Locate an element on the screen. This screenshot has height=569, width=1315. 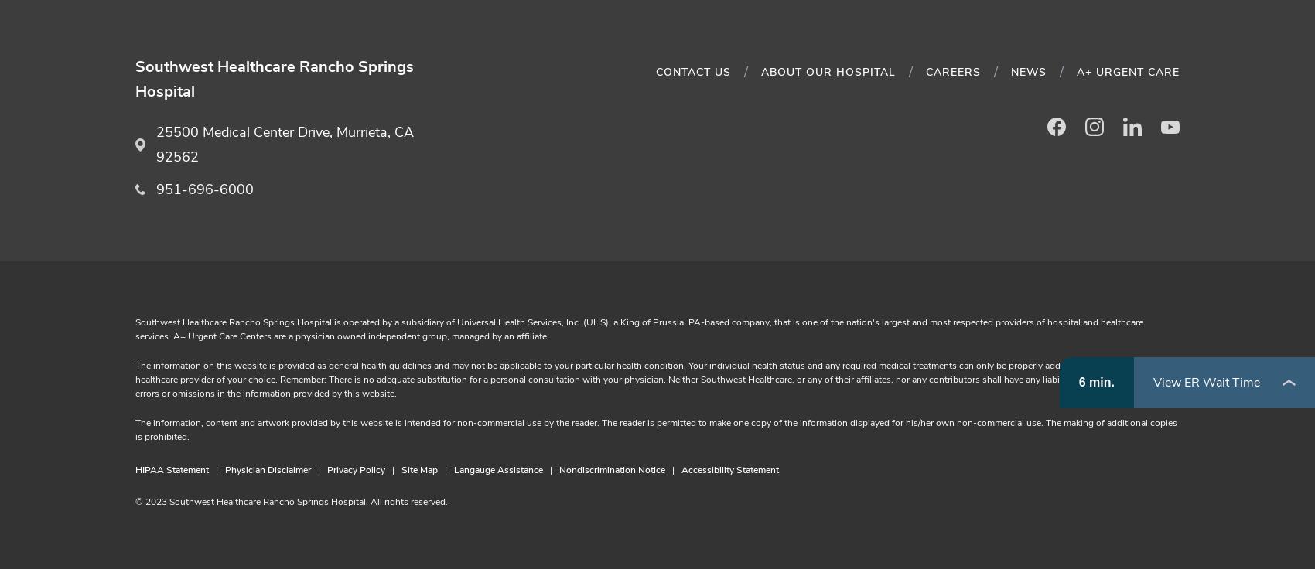
'A+ Urgent Care' is located at coordinates (1127, 71).